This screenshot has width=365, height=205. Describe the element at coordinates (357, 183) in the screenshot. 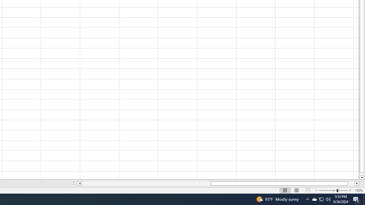

I see `'Column right'` at that location.